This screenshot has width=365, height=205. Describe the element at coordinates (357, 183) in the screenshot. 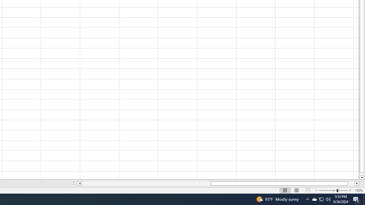

I see `'Column right'` at that location.